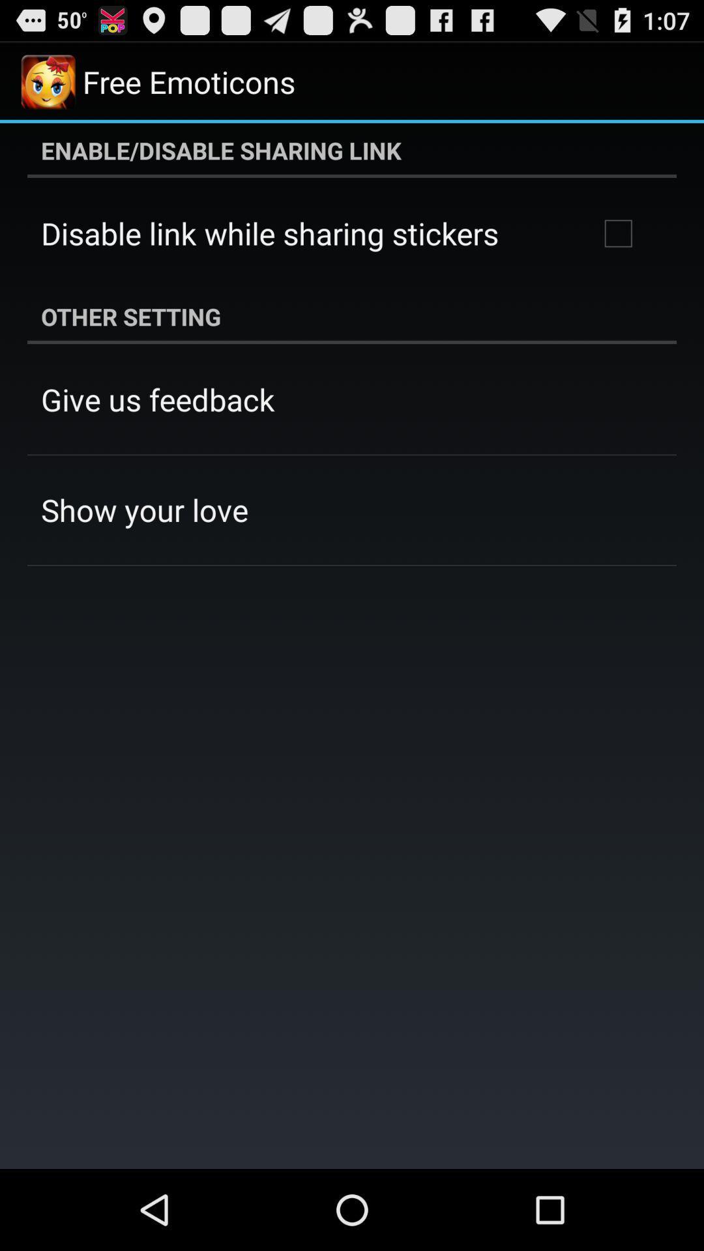  What do you see at coordinates (352, 316) in the screenshot?
I see `other setting icon` at bounding box center [352, 316].